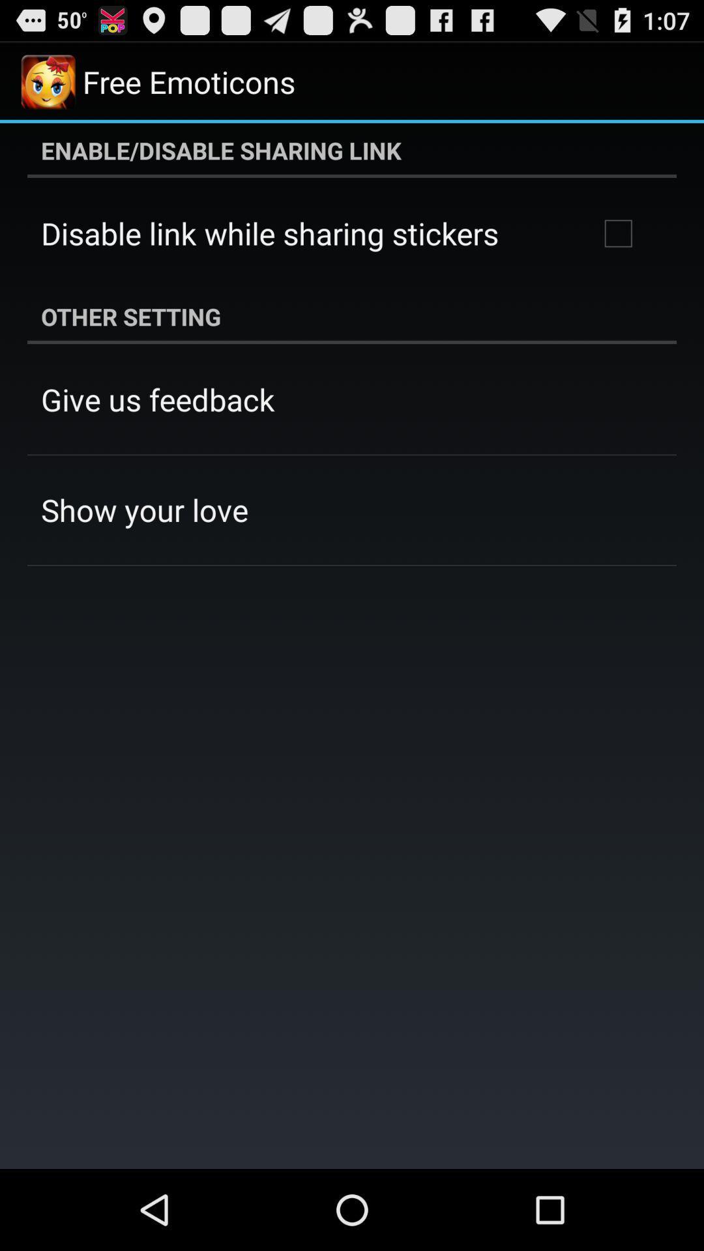  What do you see at coordinates (352, 316) in the screenshot?
I see `other setting icon` at bounding box center [352, 316].